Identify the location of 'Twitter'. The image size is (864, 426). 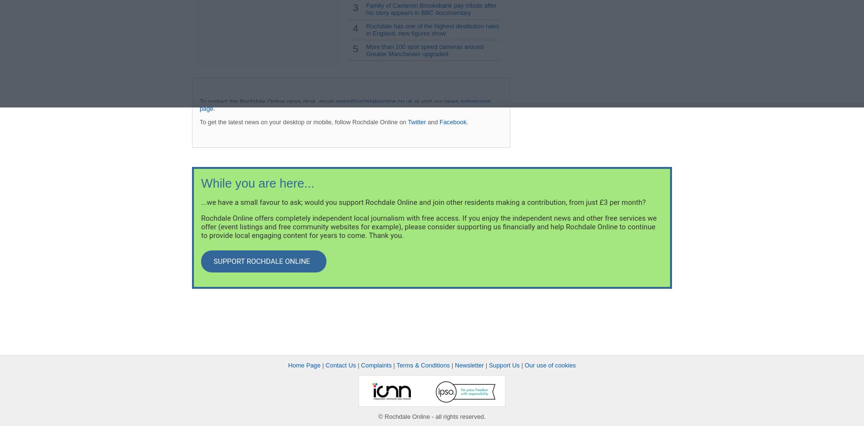
(408, 121).